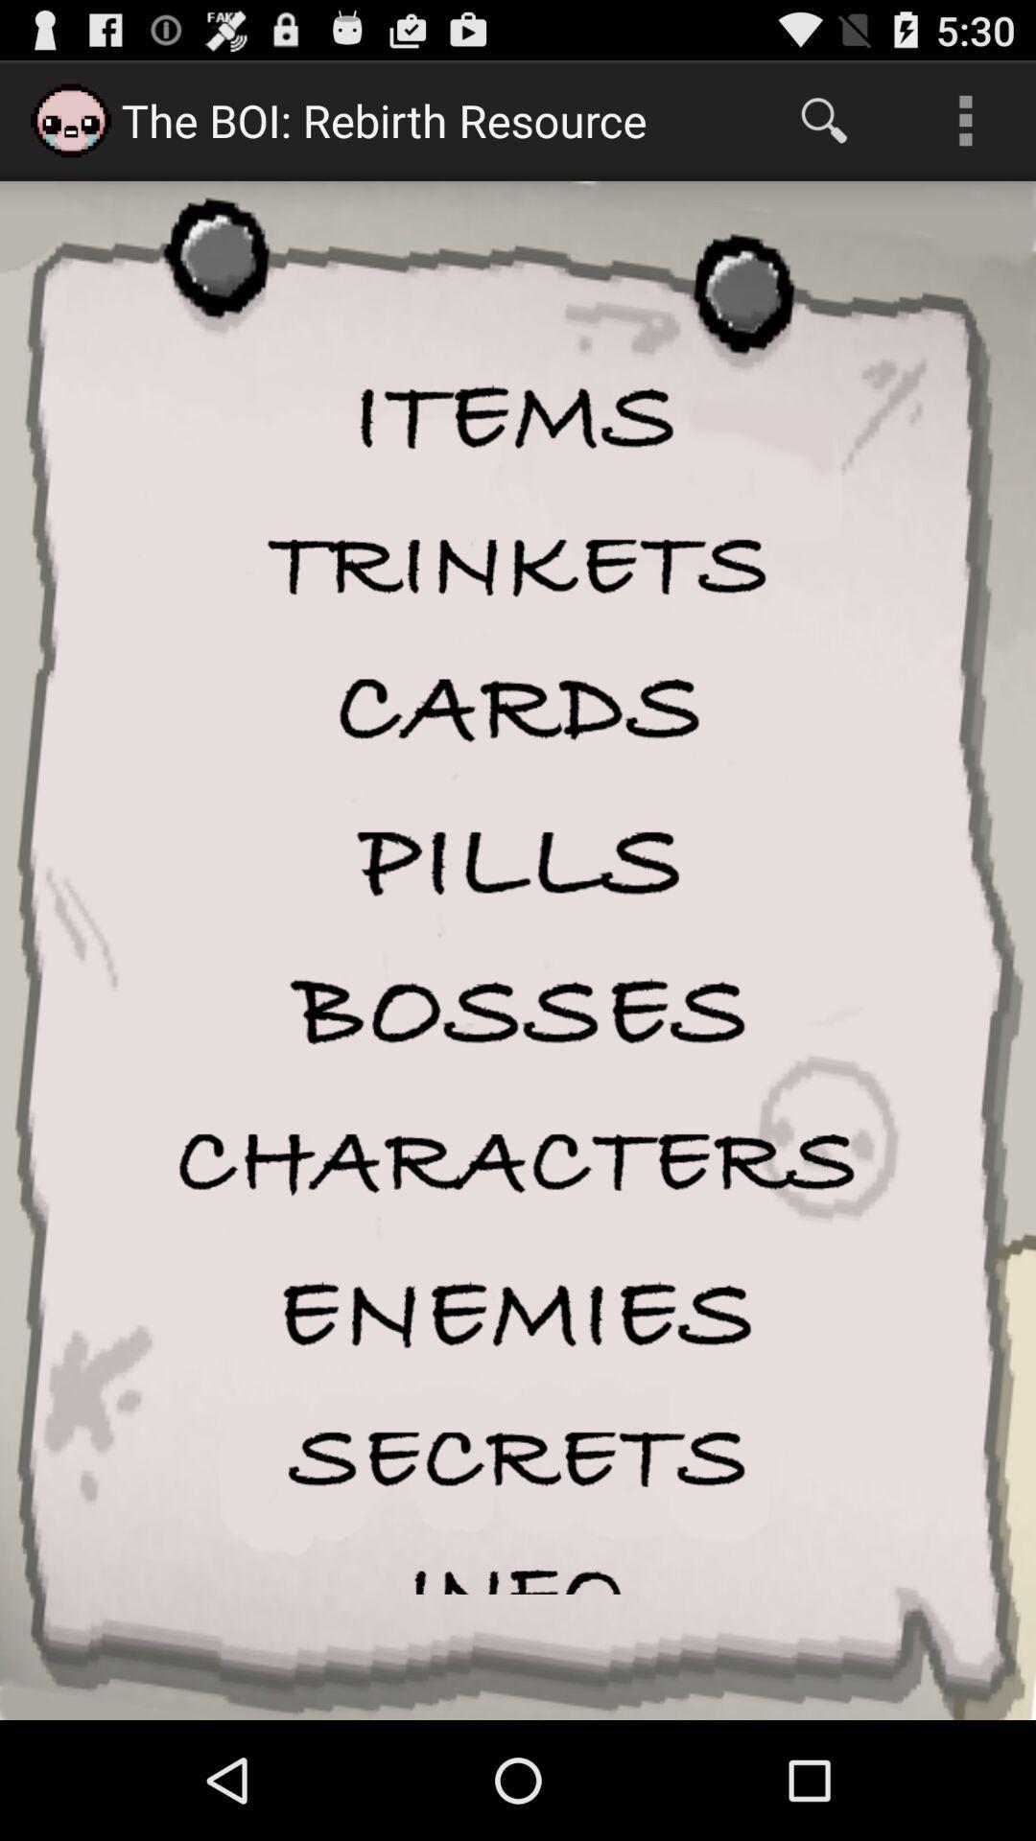 The image size is (1036, 1841). Describe the element at coordinates (518, 1457) in the screenshot. I see `secrets` at that location.